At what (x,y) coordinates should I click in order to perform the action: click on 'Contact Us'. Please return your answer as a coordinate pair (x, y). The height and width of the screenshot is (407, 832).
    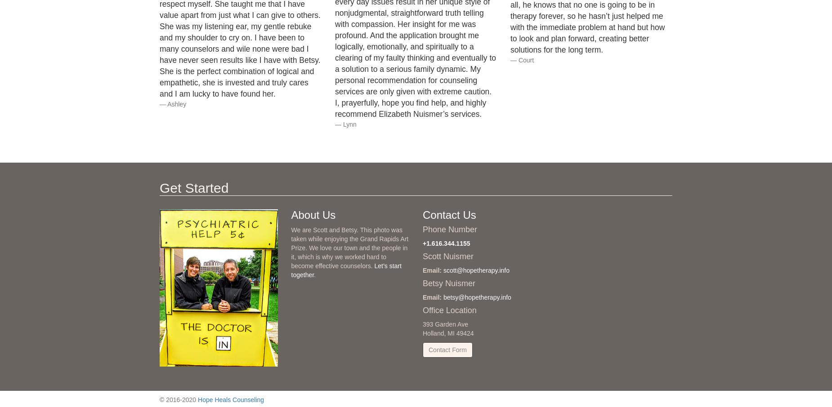
    Looking at the image, I should click on (449, 214).